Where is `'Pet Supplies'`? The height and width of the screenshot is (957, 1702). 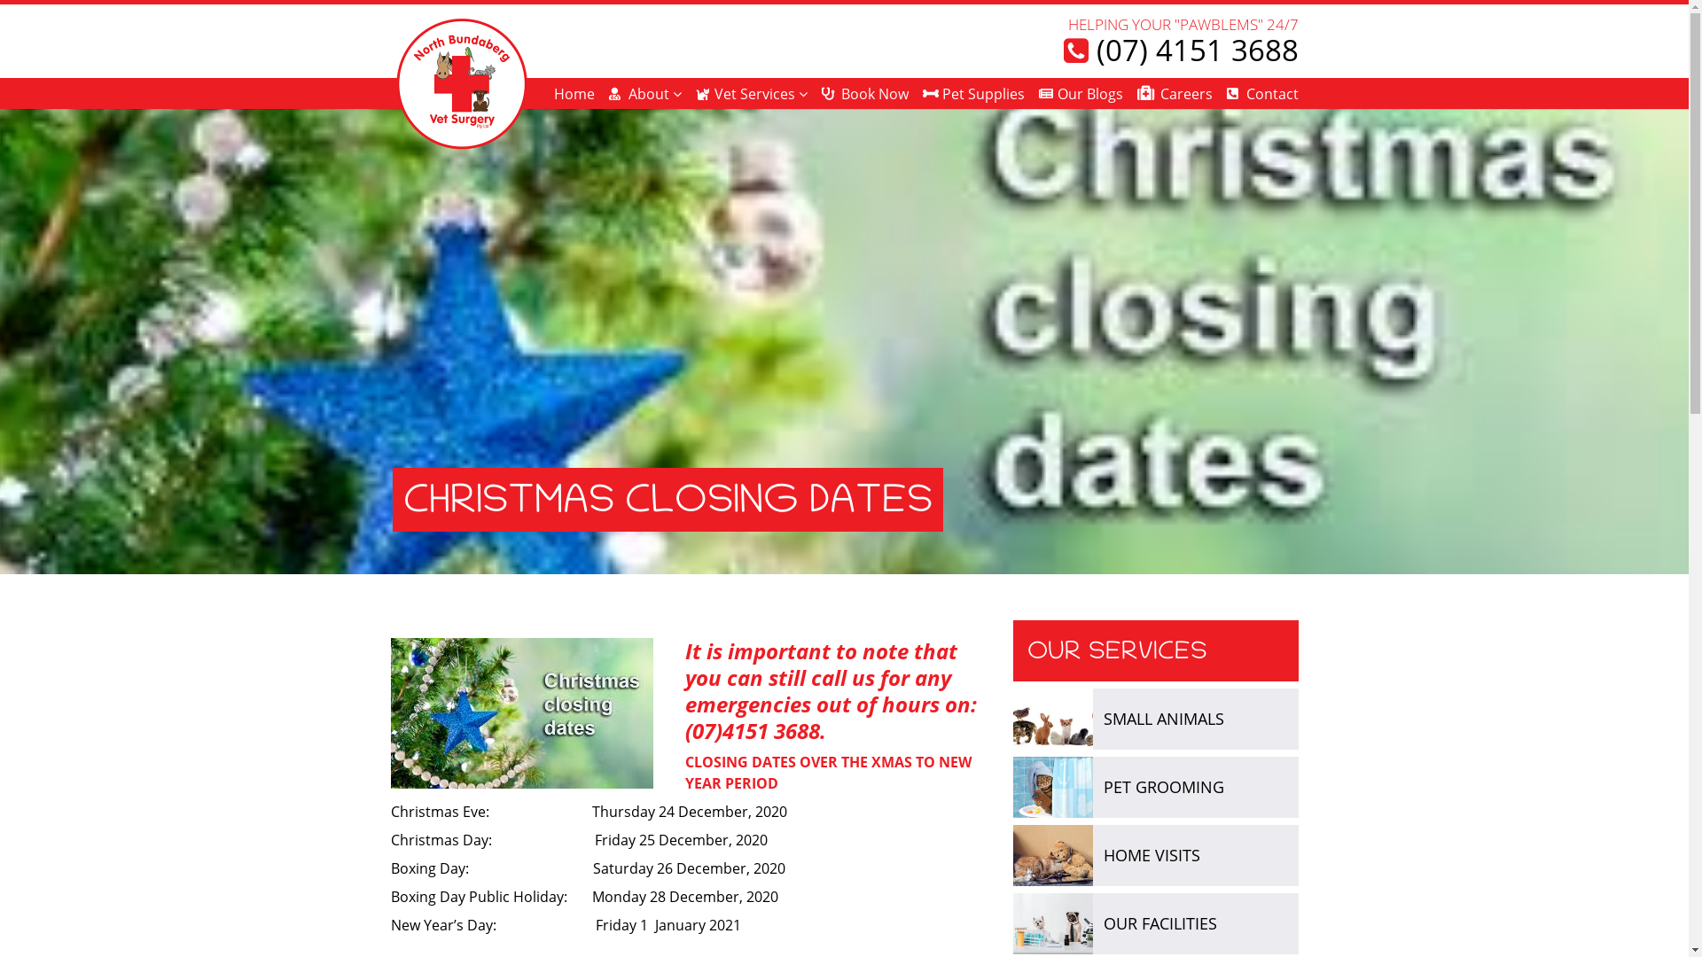 'Pet Supplies' is located at coordinates (972, 93).